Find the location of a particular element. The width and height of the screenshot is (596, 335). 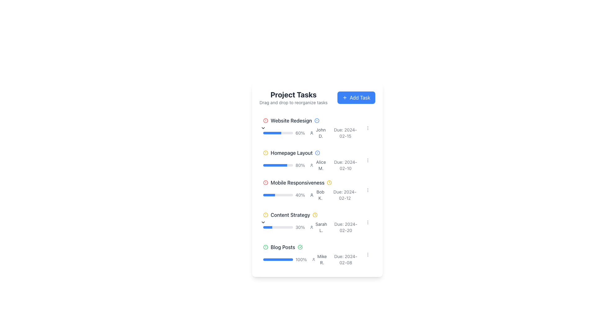

progress is located at coordinates (264, 194).